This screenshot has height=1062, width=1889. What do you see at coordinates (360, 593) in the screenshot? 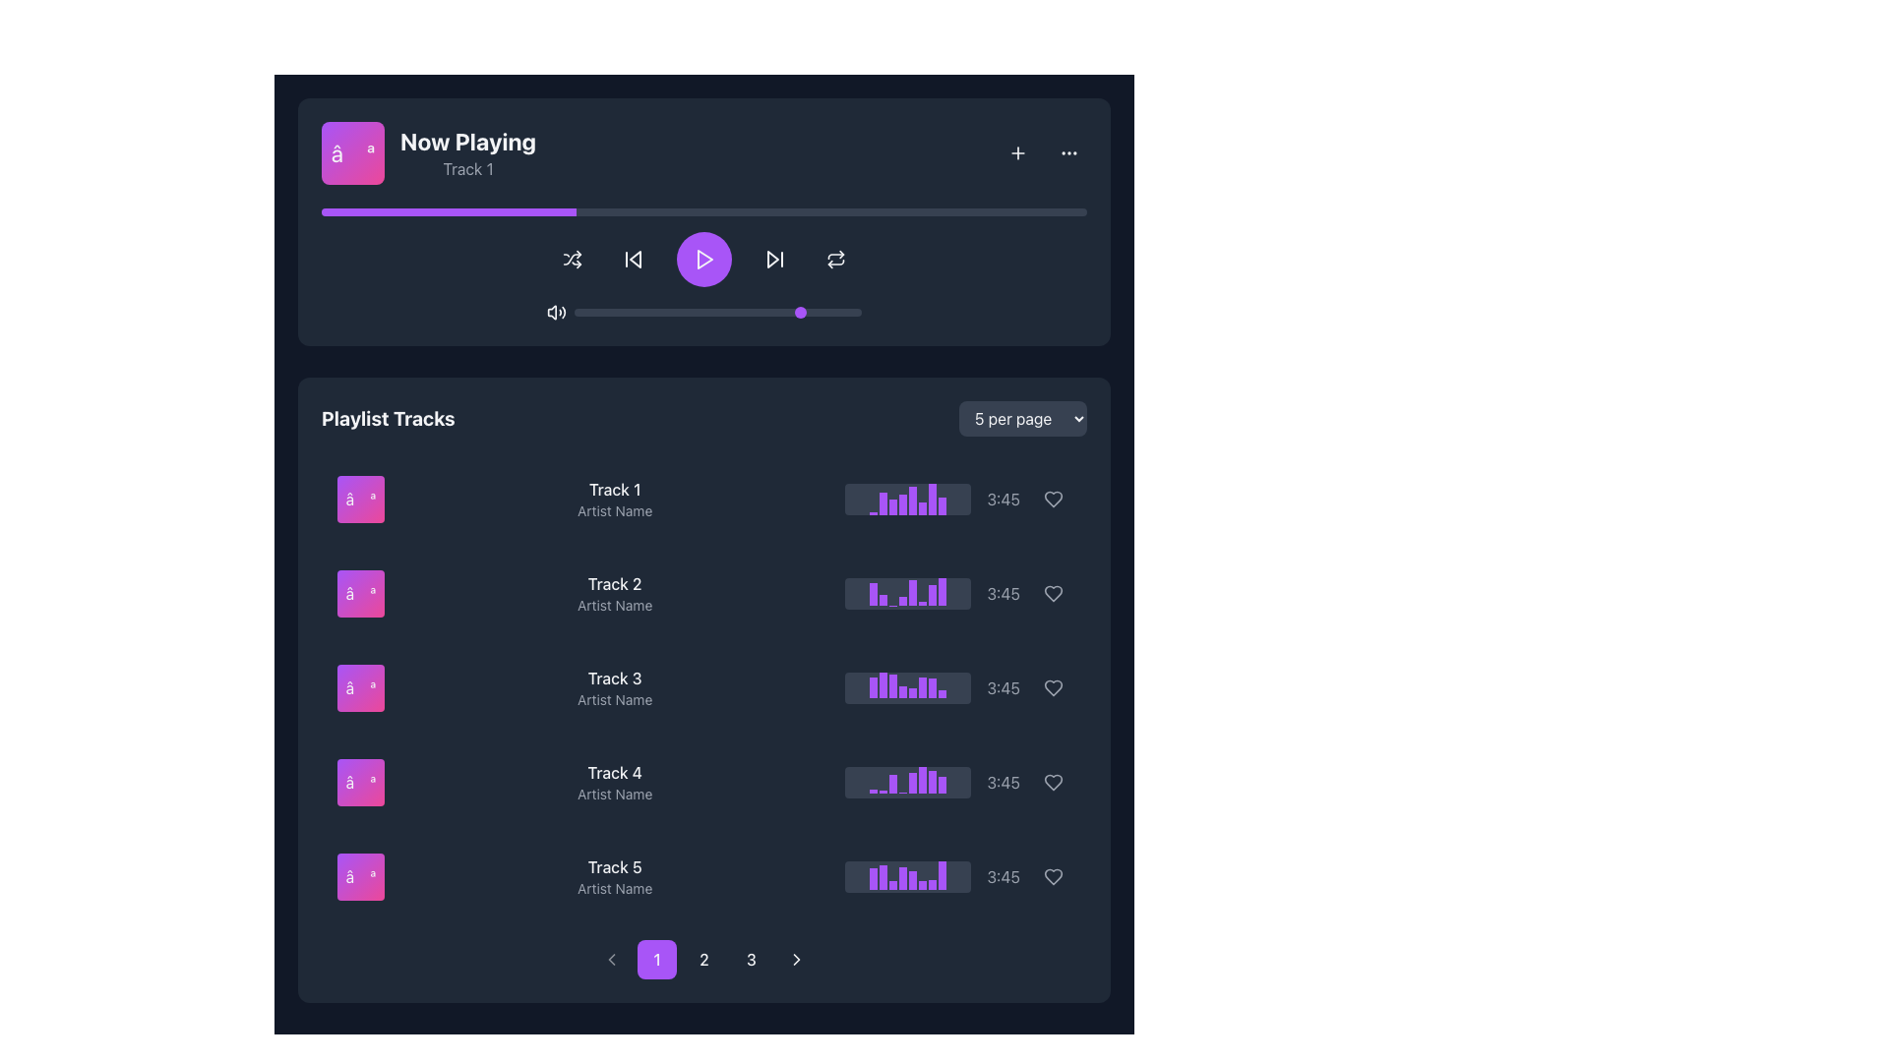
I see `the visual decoration icon representing the second music track in the Playlist Tracks section, located to the left of its descriptive text` at bounding box center [360, 593].